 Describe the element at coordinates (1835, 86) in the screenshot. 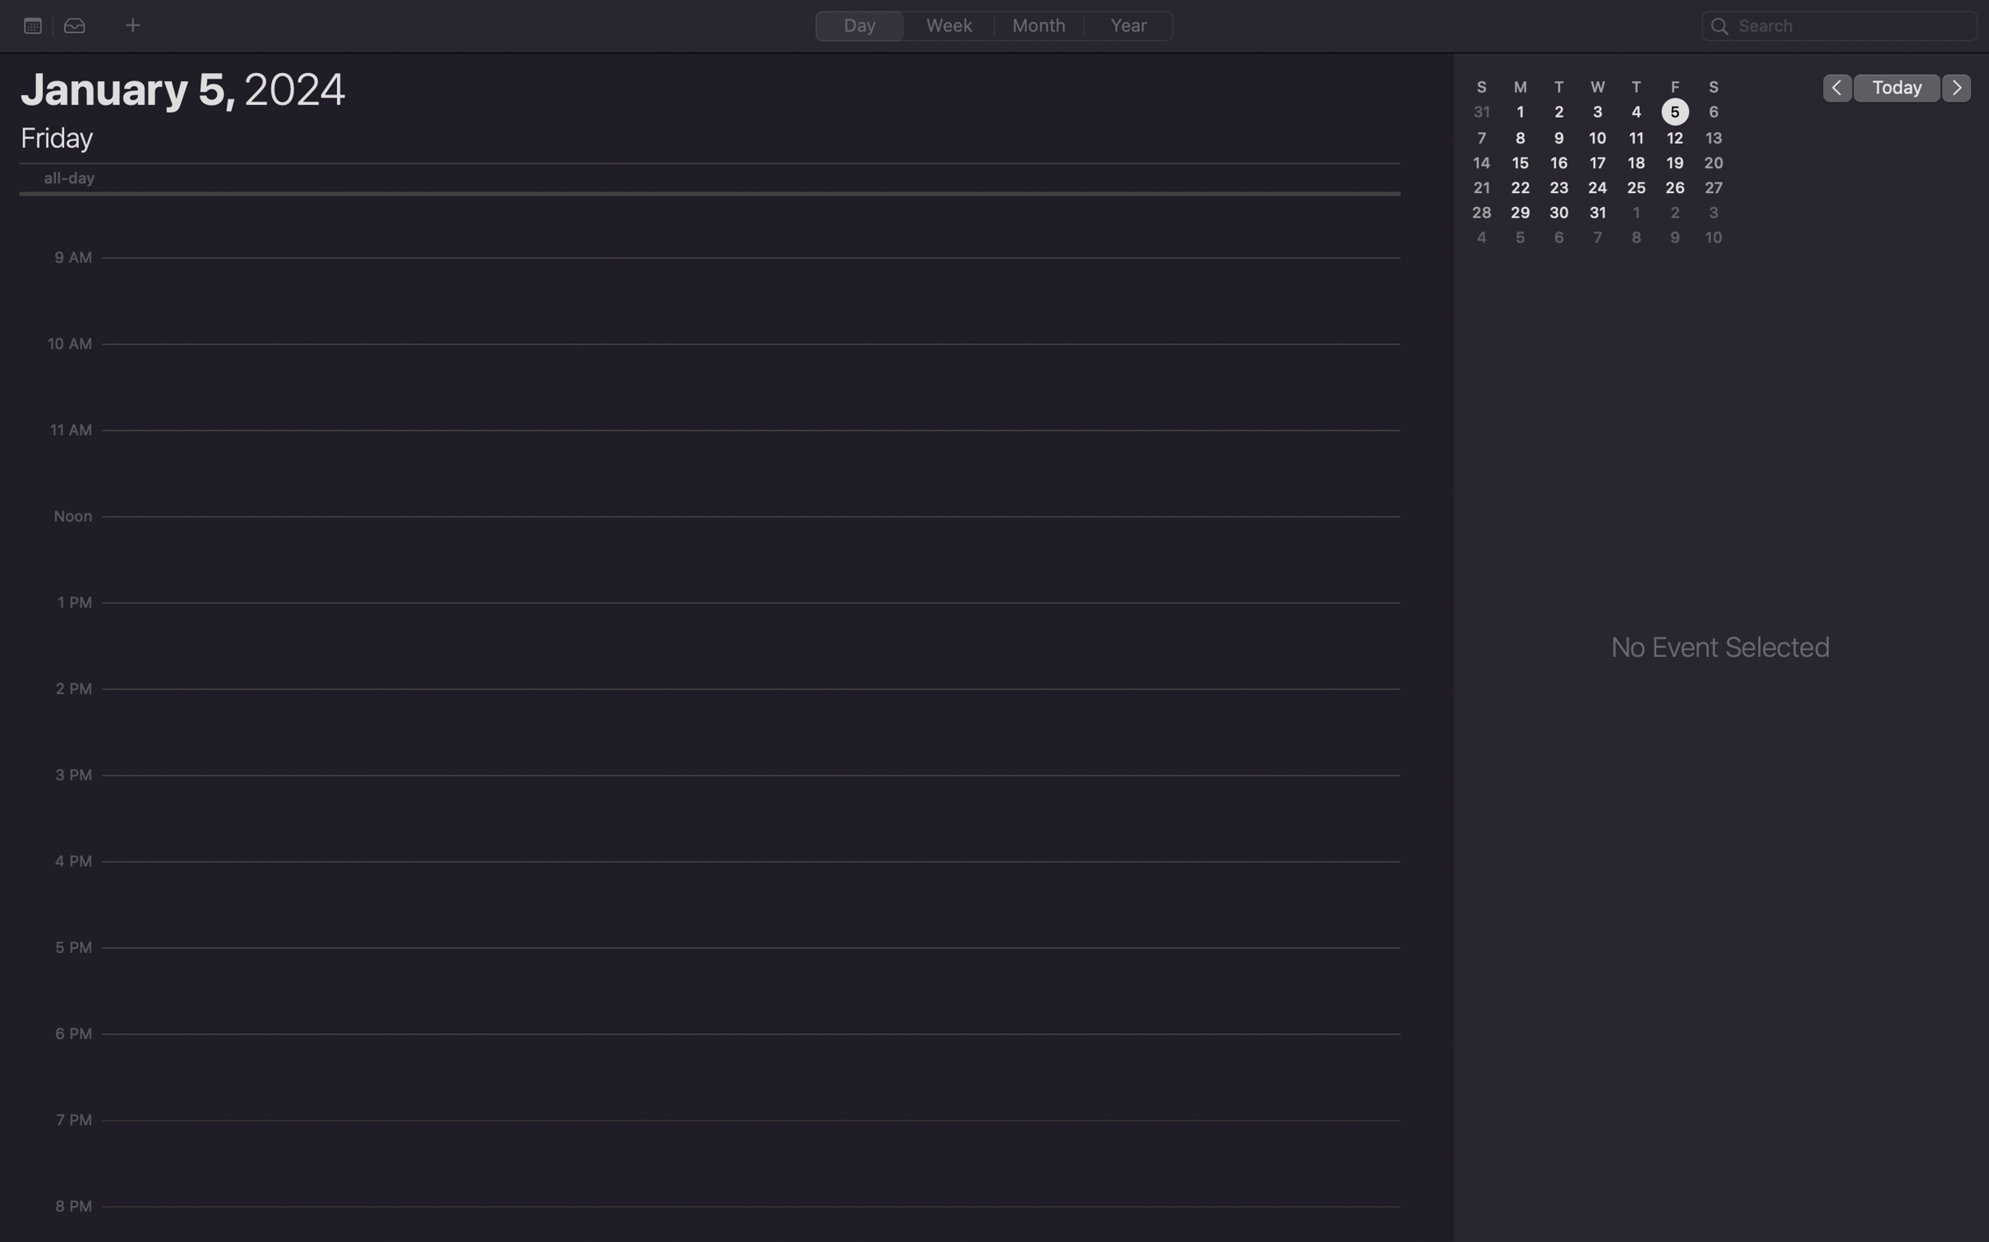

I see `Move to the preceding day in the calendar` at that location.